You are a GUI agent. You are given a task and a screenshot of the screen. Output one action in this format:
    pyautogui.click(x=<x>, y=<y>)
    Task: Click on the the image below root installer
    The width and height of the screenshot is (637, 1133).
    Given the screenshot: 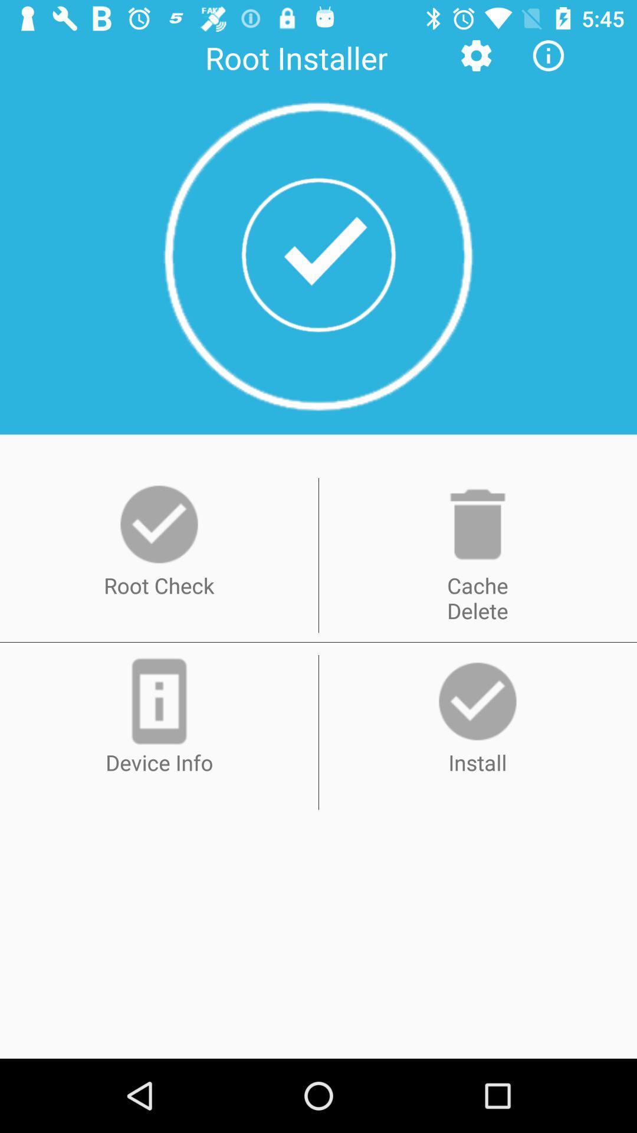 What is the action you would take?
    pyautogui.click(x=318, y=255)
    